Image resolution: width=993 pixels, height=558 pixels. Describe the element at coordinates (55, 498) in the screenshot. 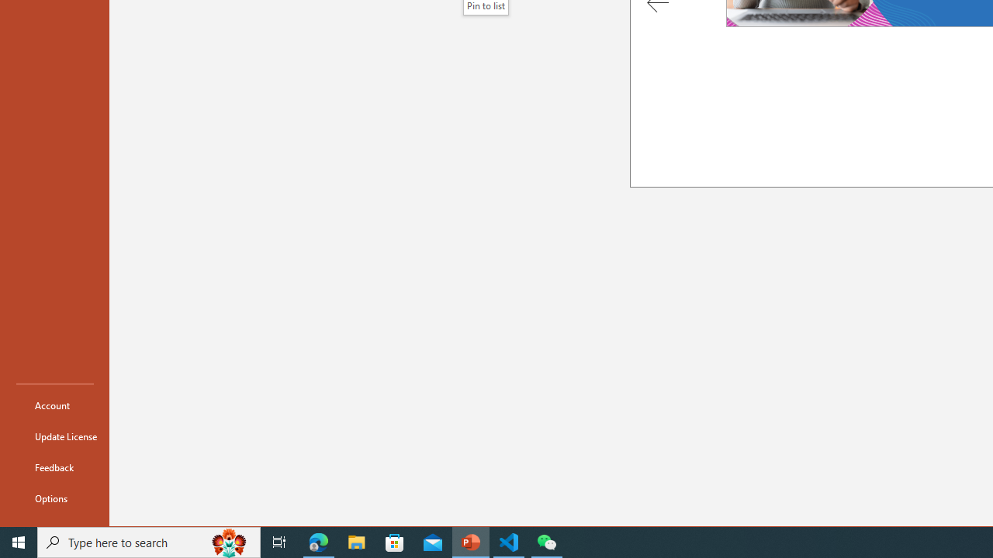

I see `'Options'` at that location.